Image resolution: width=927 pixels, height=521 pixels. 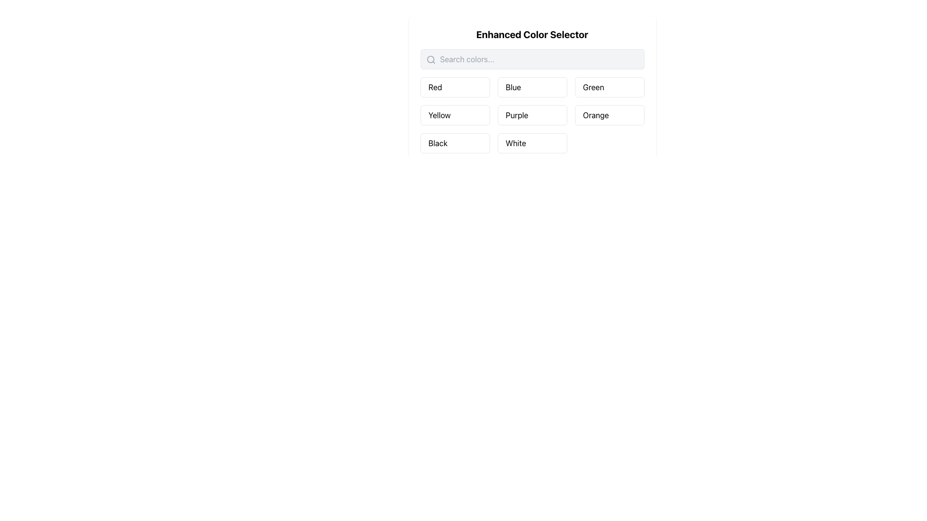 I want to click on the button that allows users to select the 'Black' color option, located in the bottom-left corner of the grid's last row, to the left of the 'White' button, so click(x=454, y=143).